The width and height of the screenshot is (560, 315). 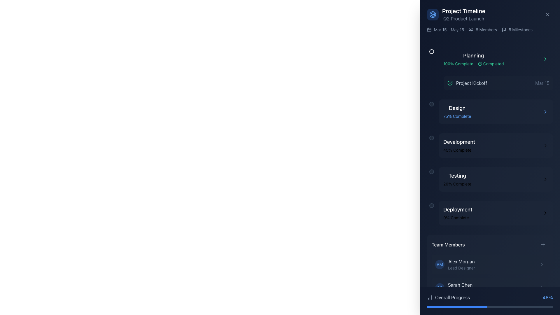 I want to click on the target icon, which is composed of concentric circles resembling a target, located at the top left of the interface panel, next to the text 'Project Timeline', so click(x=433, y=14).